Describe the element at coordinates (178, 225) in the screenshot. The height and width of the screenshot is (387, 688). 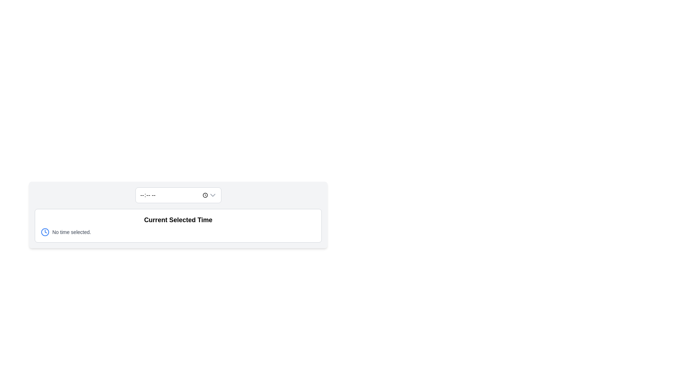
I see `the Informational display box that contains the text 'Current Selected Time' and the message 'No time selected.' with a blue clock icon` at that location.